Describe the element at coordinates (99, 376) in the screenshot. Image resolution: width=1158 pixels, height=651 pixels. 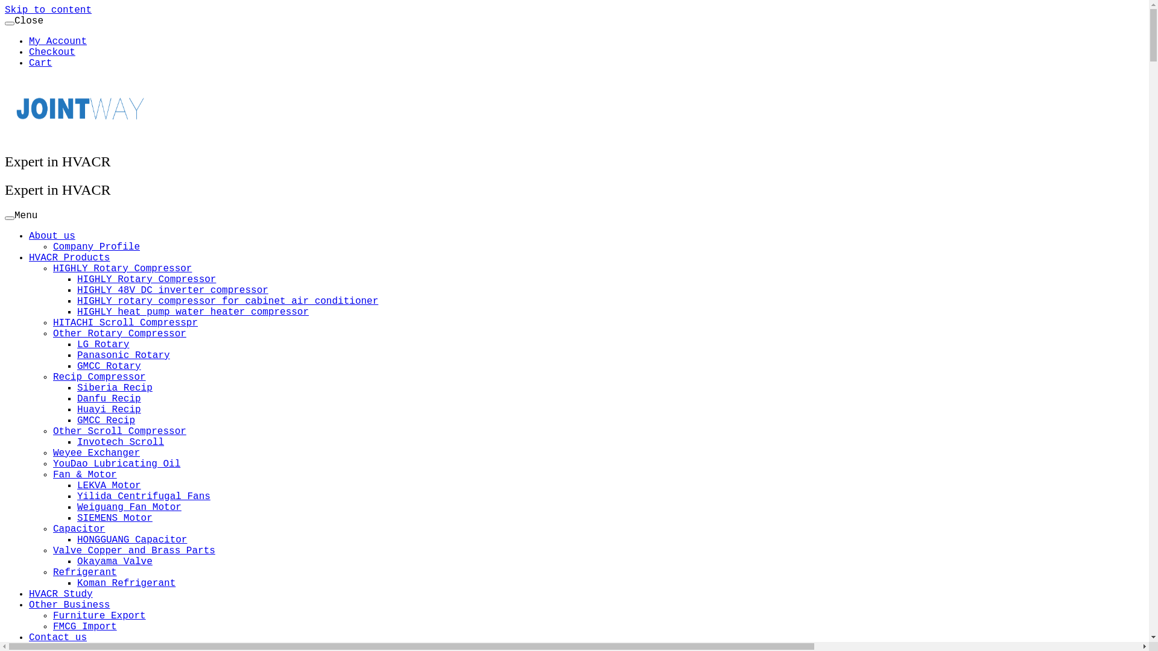
I see `'Recip Compressor'` at that location.